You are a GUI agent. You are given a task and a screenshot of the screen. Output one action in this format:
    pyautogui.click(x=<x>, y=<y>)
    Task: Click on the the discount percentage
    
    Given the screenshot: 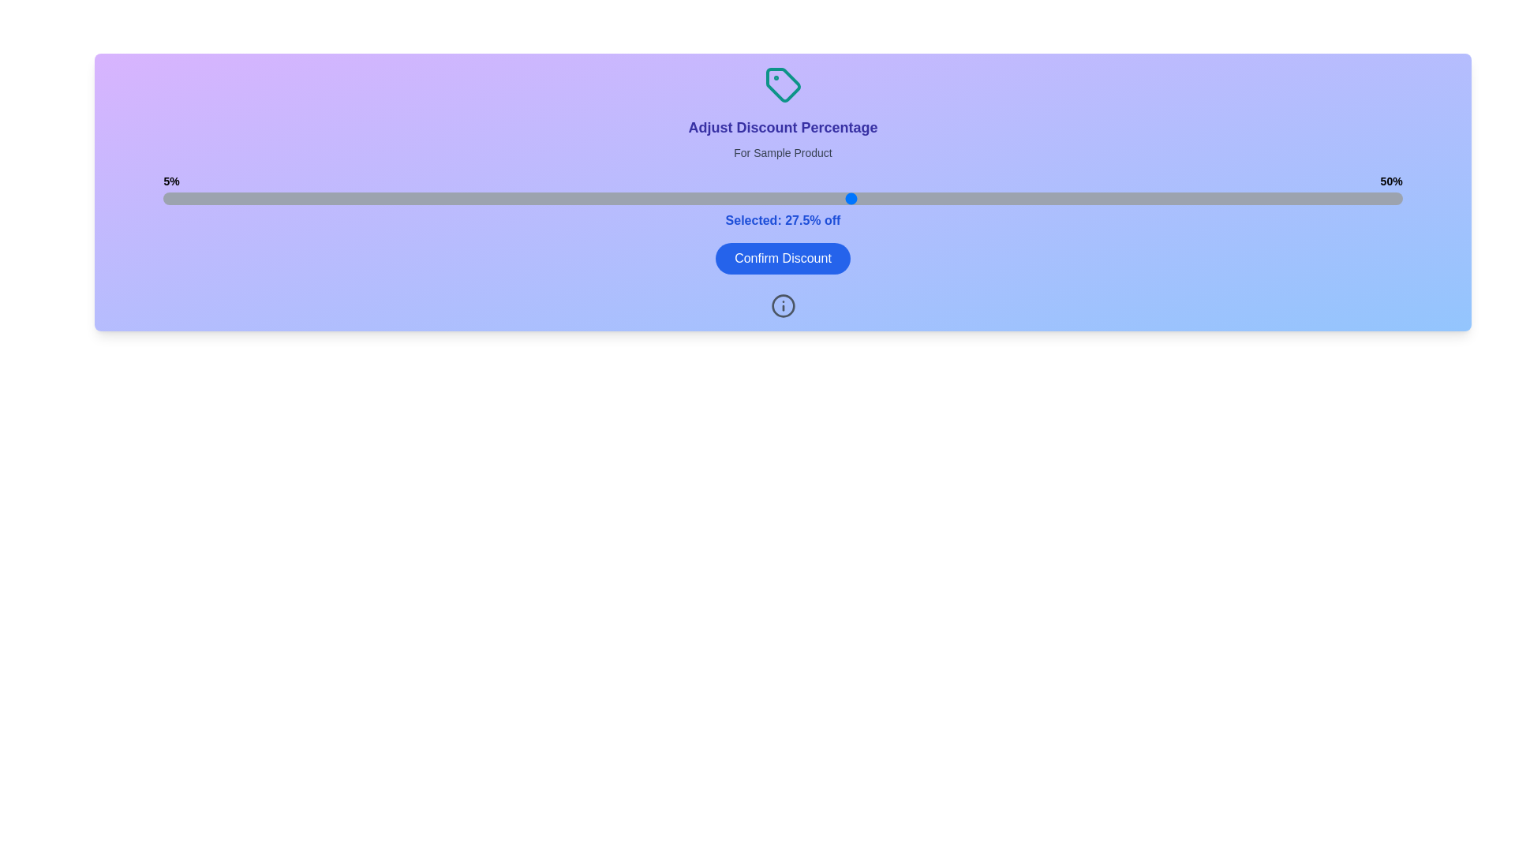 What is the action you would take?
    pyautogui.click(x=659, y=197)
    